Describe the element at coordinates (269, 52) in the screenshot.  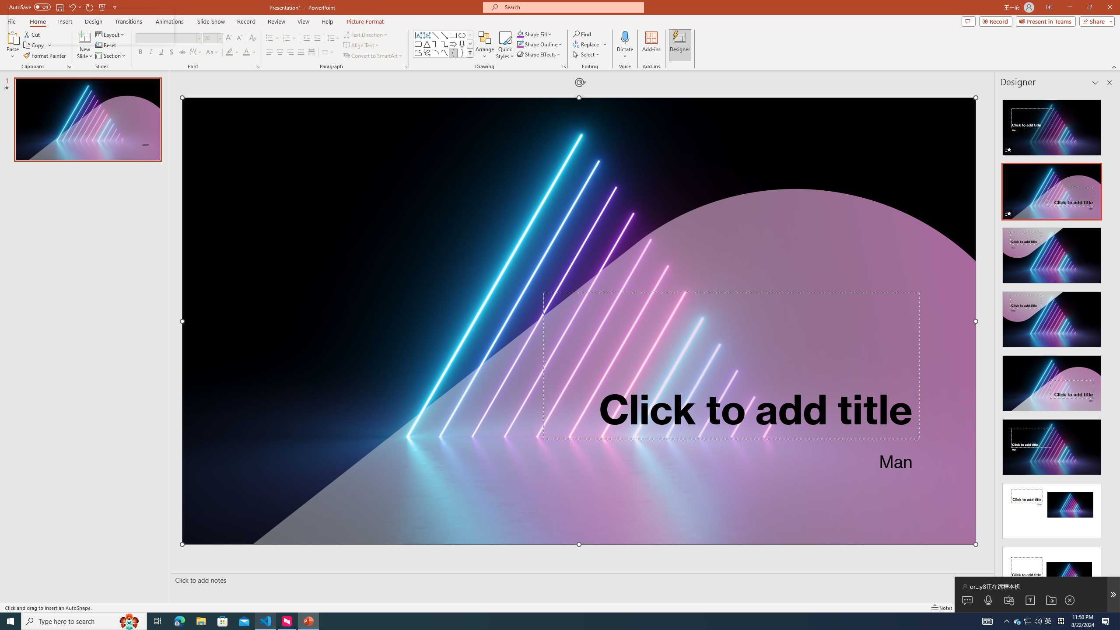
I see `'Align Left'` at that location.